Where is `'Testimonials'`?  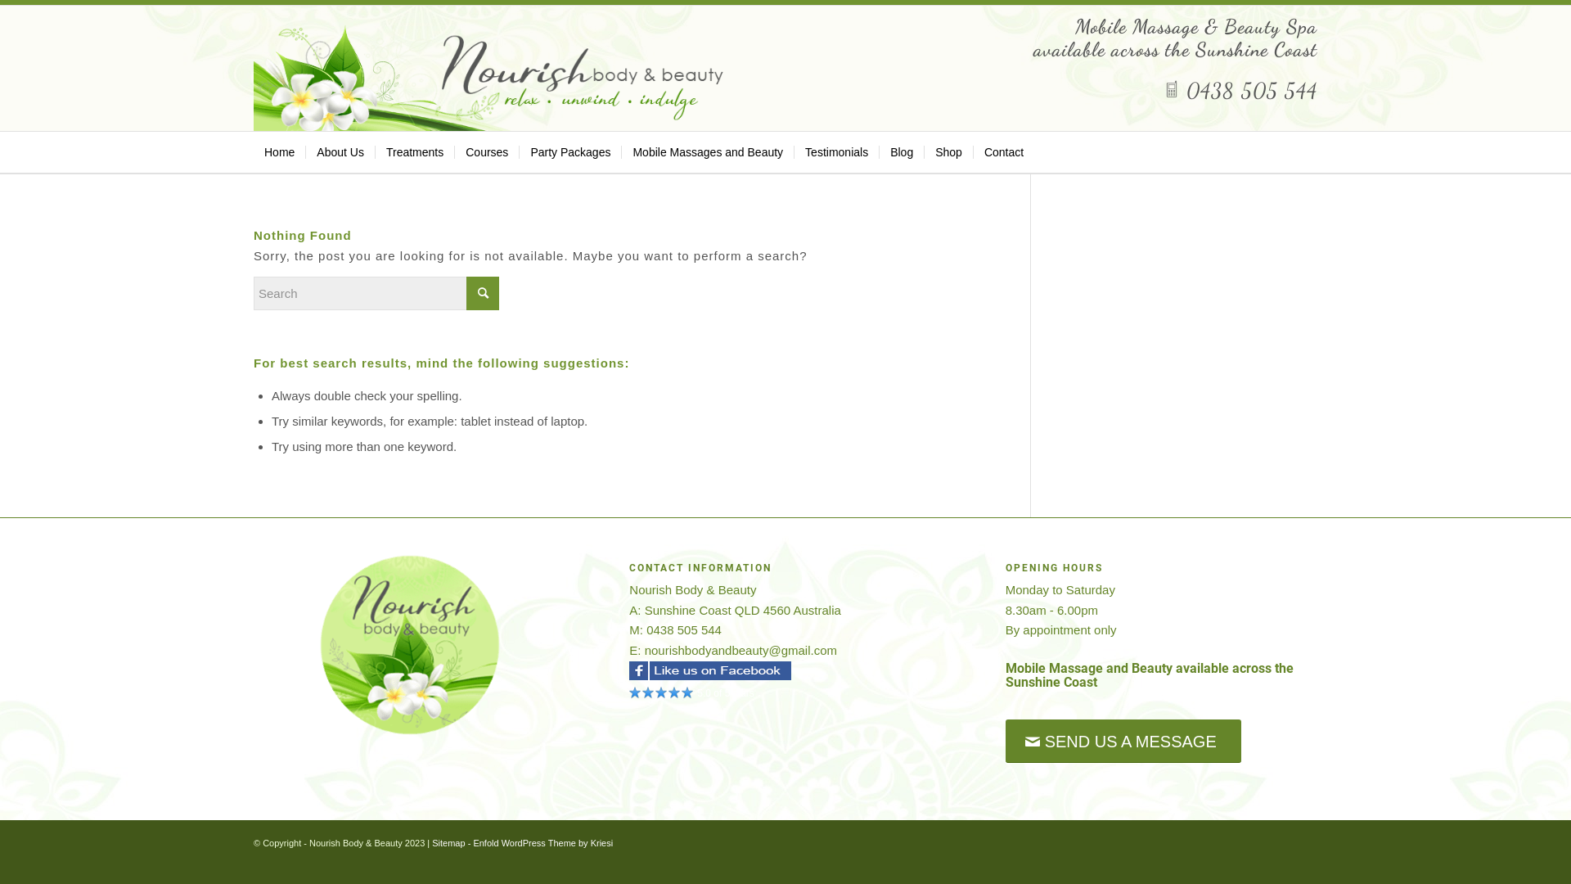 'Testimonials' is located at coordinates (836, 151).